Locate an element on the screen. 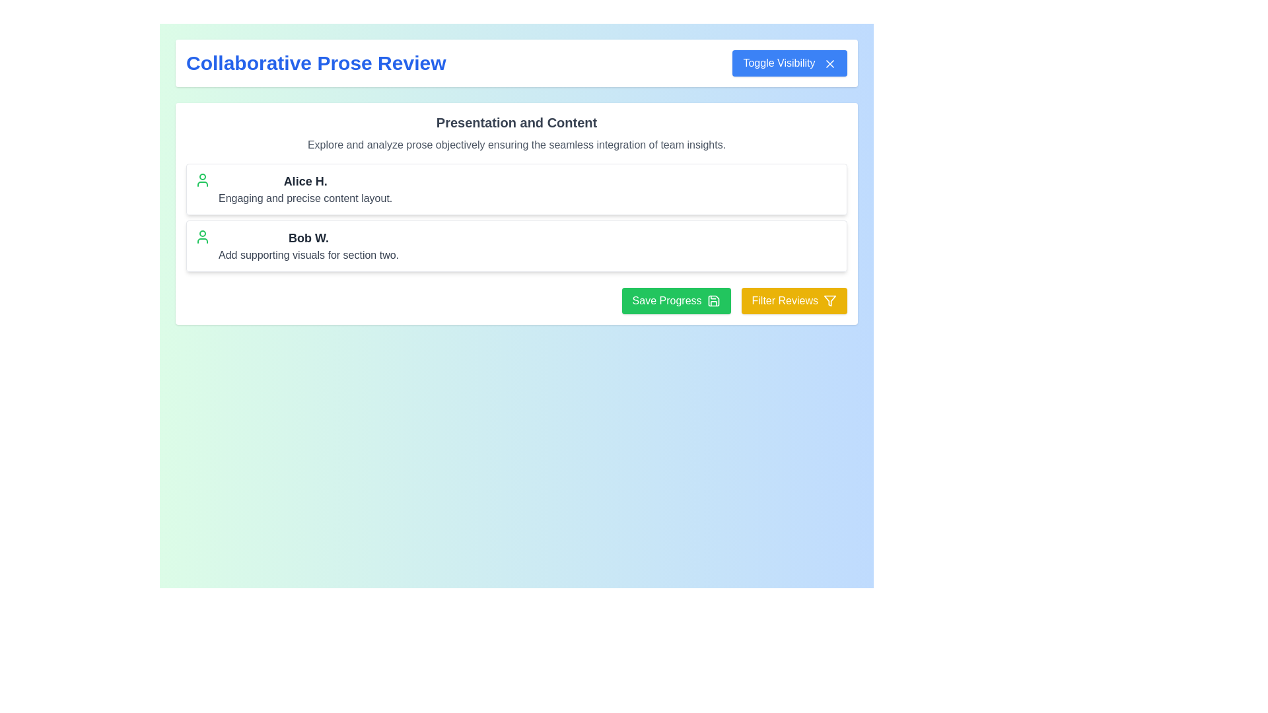  the static text content that provides a descriptive statement below the heading 'Presentation and Content' in the panel is located at coordinates (516, 145).